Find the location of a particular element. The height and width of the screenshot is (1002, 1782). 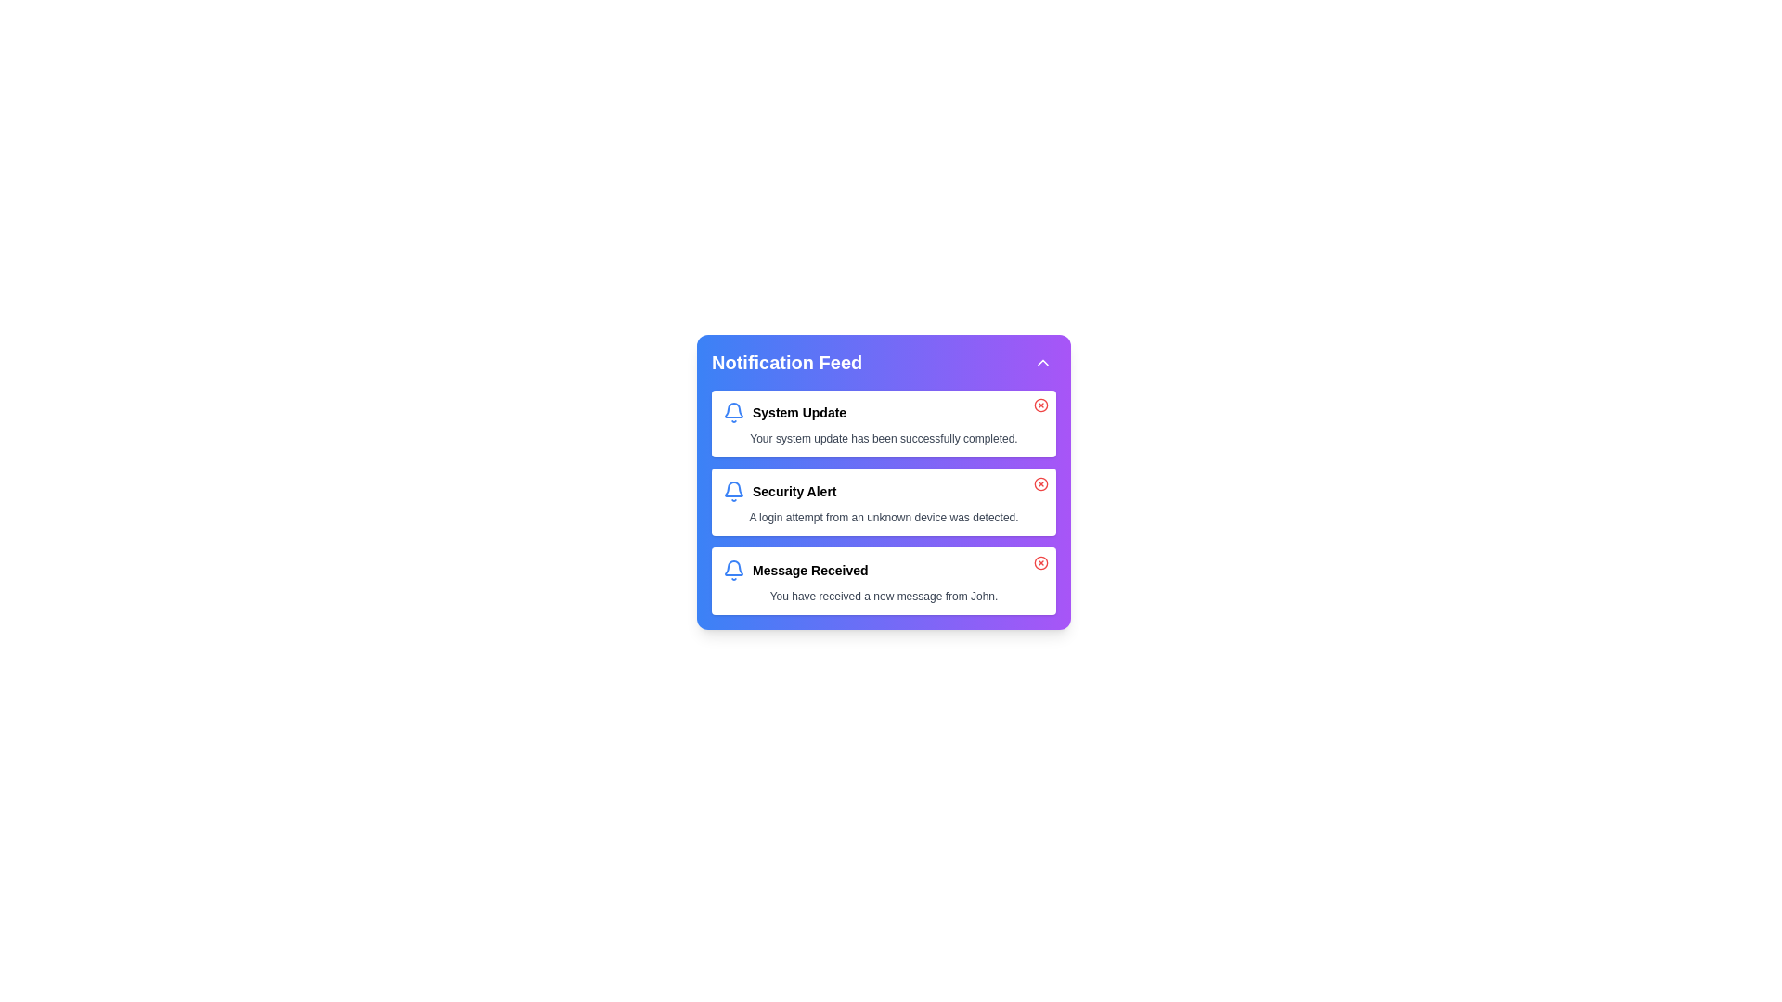

the Icon button at the top-right corner of the 'Notification Feed' panel is located at coordinates (1042, 362).